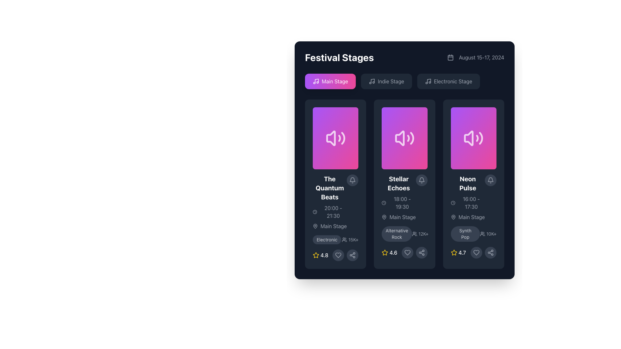  Describe the element at coordinates (335, 202) in the screenshot. I see `the event card displaying 'The Quantum Beats' in the first column of the grid layout under the 'Festival Stages' section` at that location.